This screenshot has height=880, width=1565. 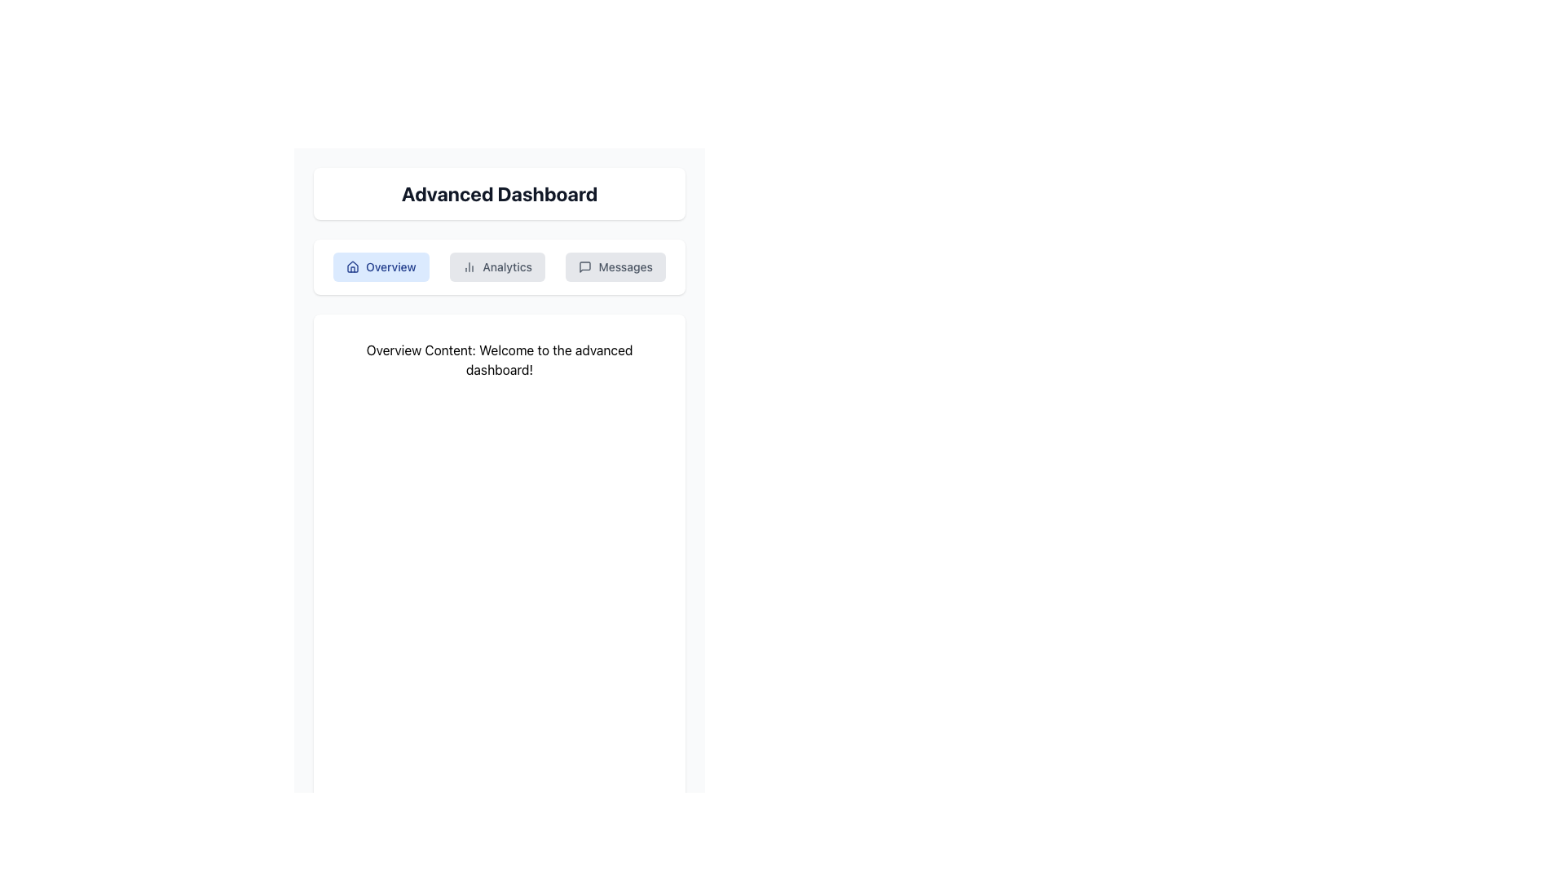 I want to click on the 'Messages' button, which is the third button in a horizontal layout, so click(x=615, y=266).